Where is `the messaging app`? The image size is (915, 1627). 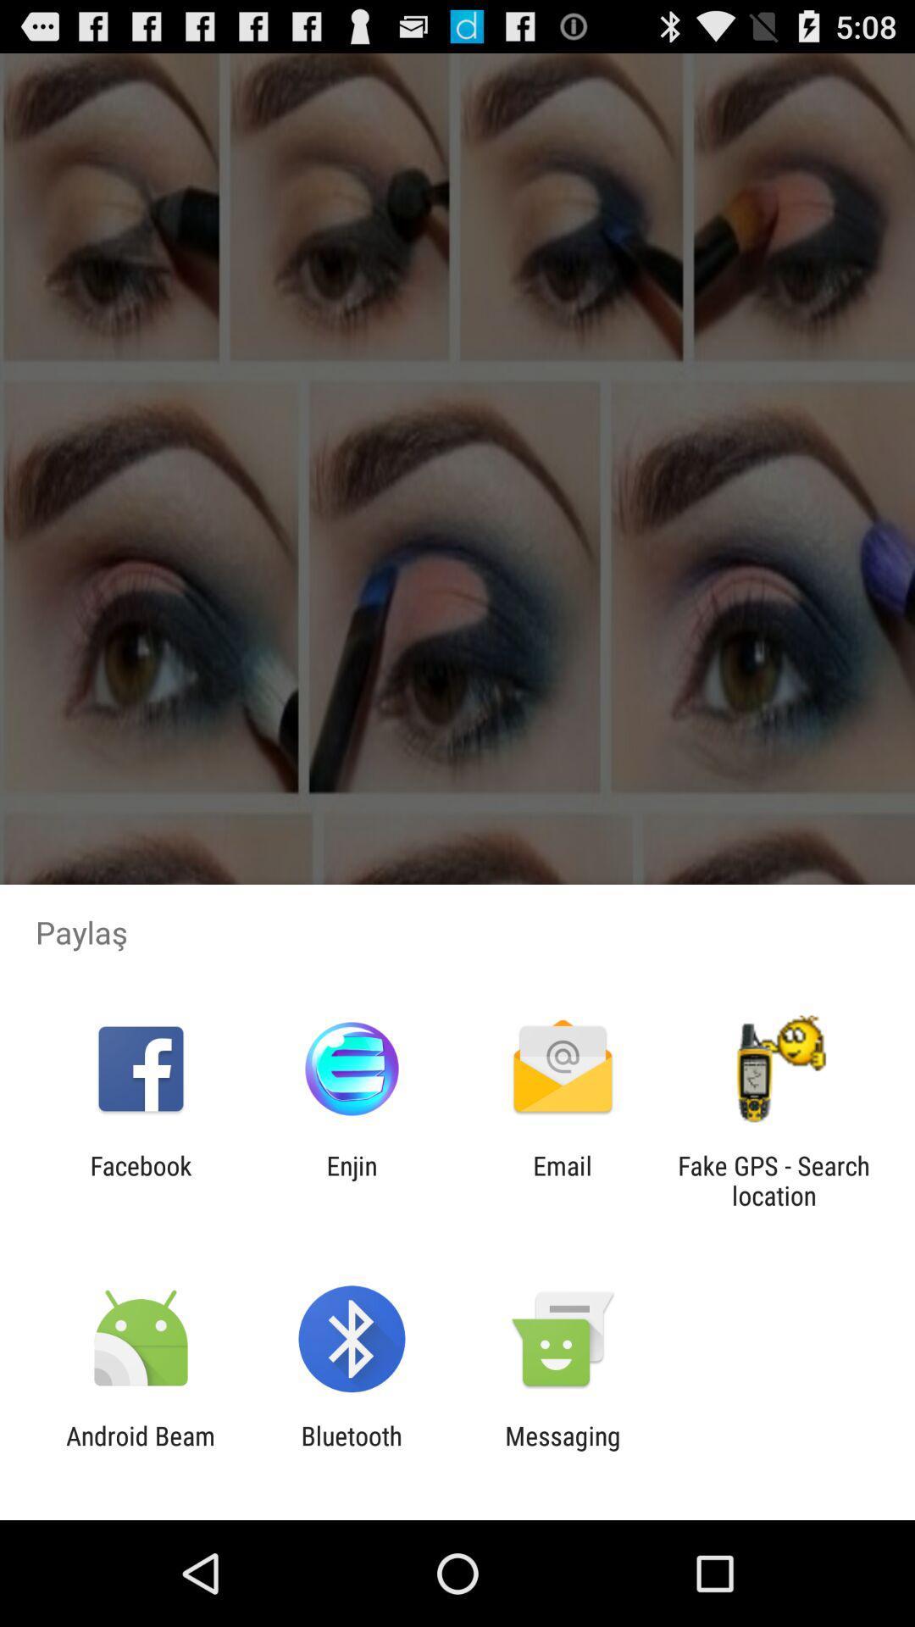 the messaging app is located at coordinates (563, 1450).